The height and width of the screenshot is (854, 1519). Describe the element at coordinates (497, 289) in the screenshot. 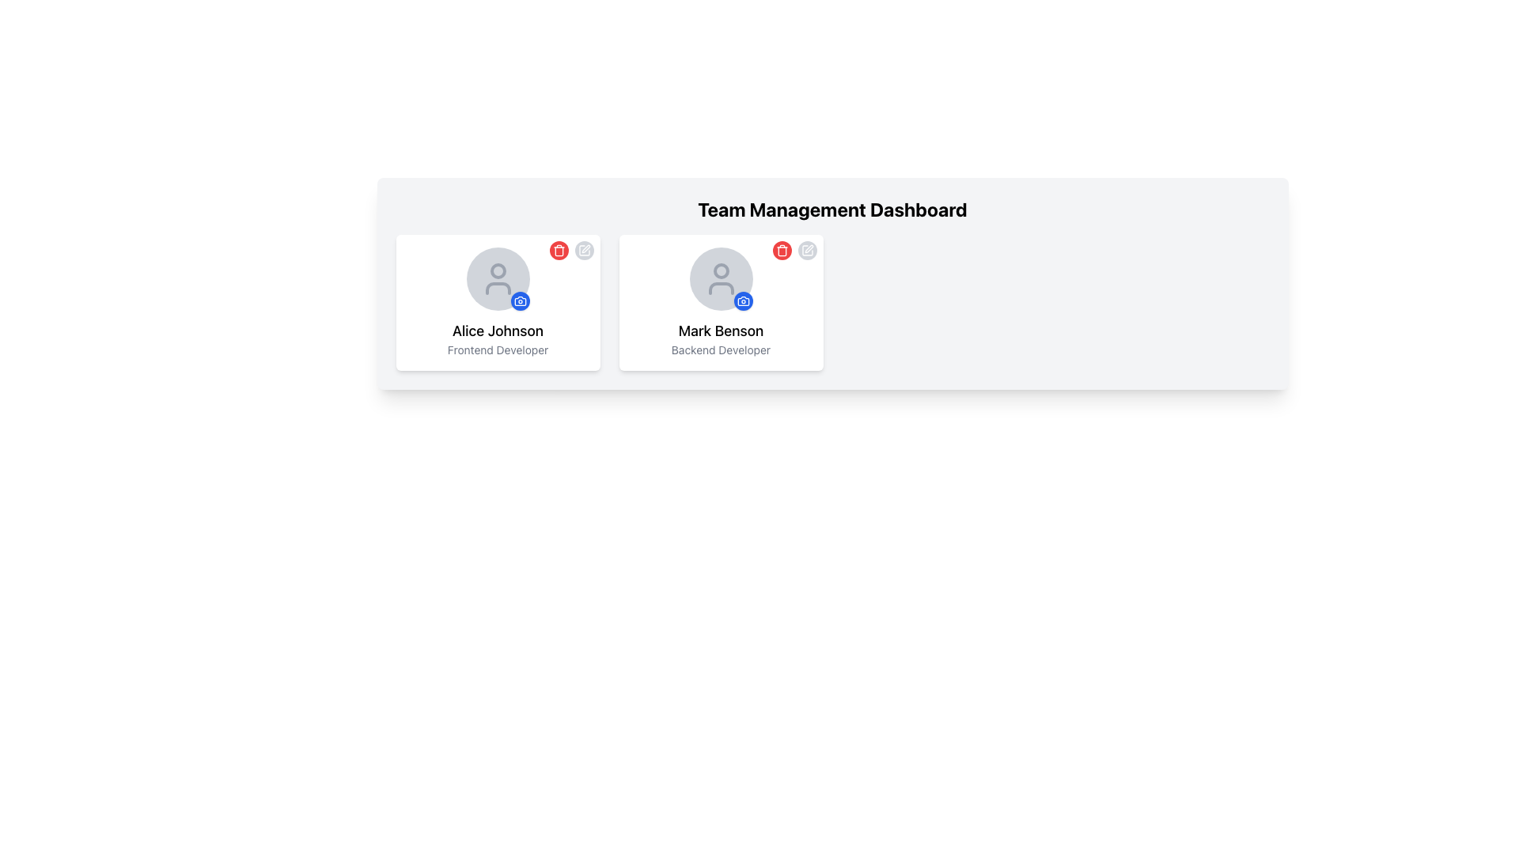

I see `the lower part of the generic person silhouette vector icon representing the torso in the avatar section of Alice Johnson's user card` at that location.